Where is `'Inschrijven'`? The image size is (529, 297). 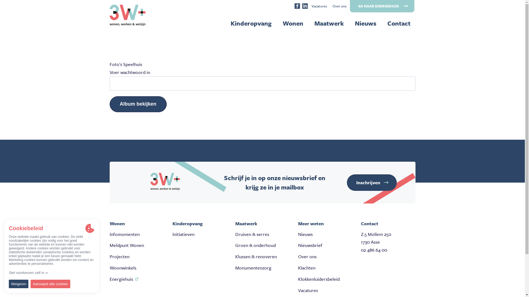
'Inschrijven' is located at coordinates (372, 183).